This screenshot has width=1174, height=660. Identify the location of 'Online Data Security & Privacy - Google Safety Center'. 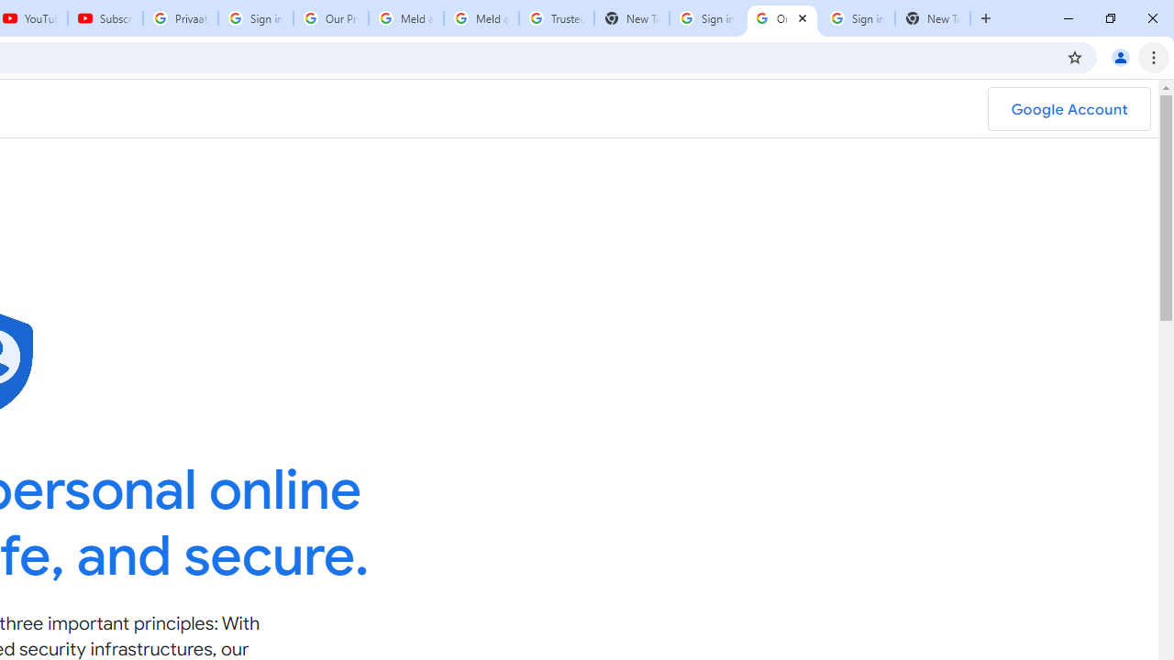
(781, 18).